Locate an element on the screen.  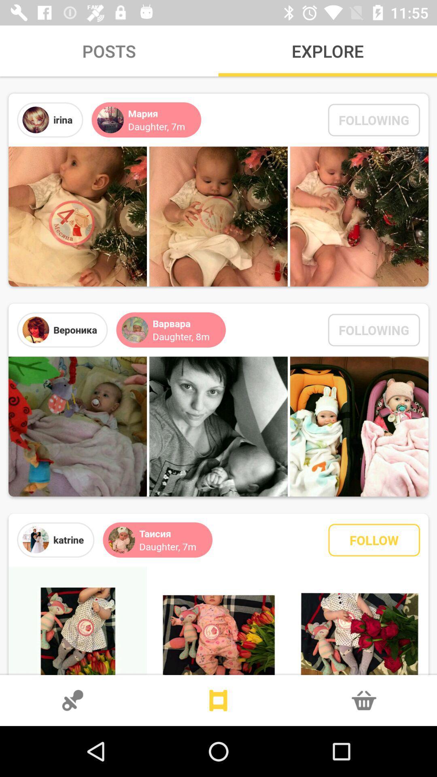
delete selected photos is located at coordinates (363, 700).